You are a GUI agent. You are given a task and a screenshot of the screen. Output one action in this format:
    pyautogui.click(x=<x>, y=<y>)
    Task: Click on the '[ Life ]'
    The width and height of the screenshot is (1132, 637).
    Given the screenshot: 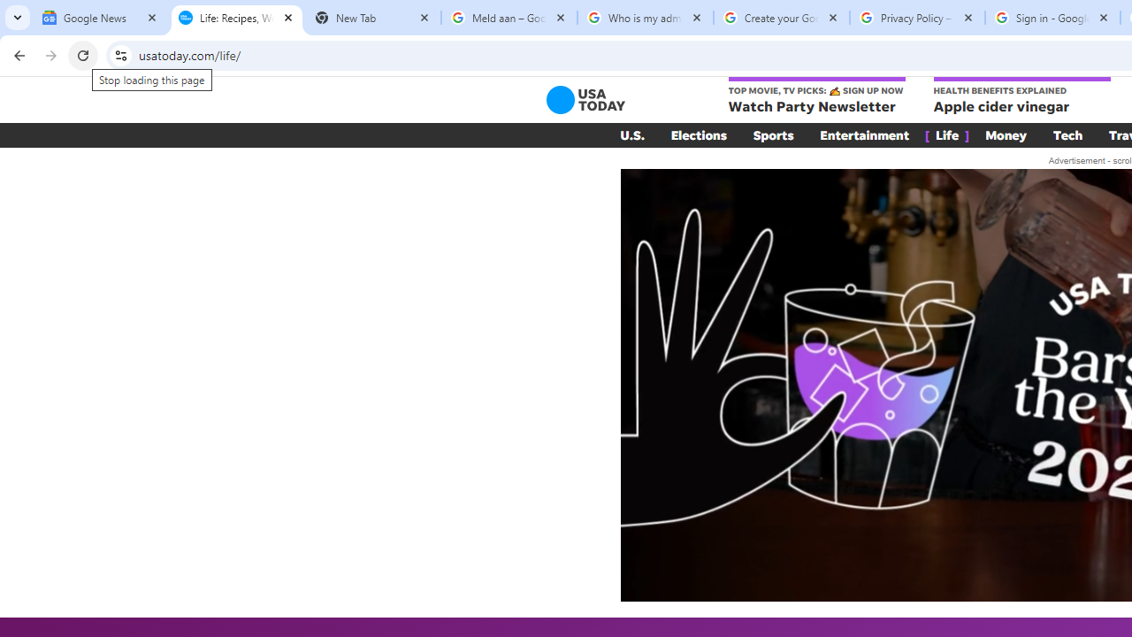 What is the action you would take?
    pyautogui.click(x=946, y=134)
    